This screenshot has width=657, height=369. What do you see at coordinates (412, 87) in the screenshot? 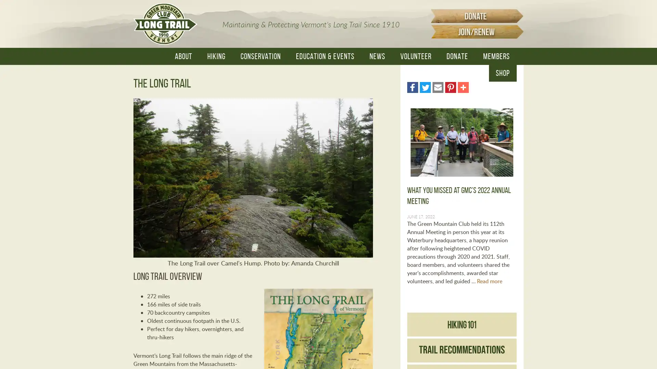
I see `Share to Facebook` at bounding box center [412, 87].